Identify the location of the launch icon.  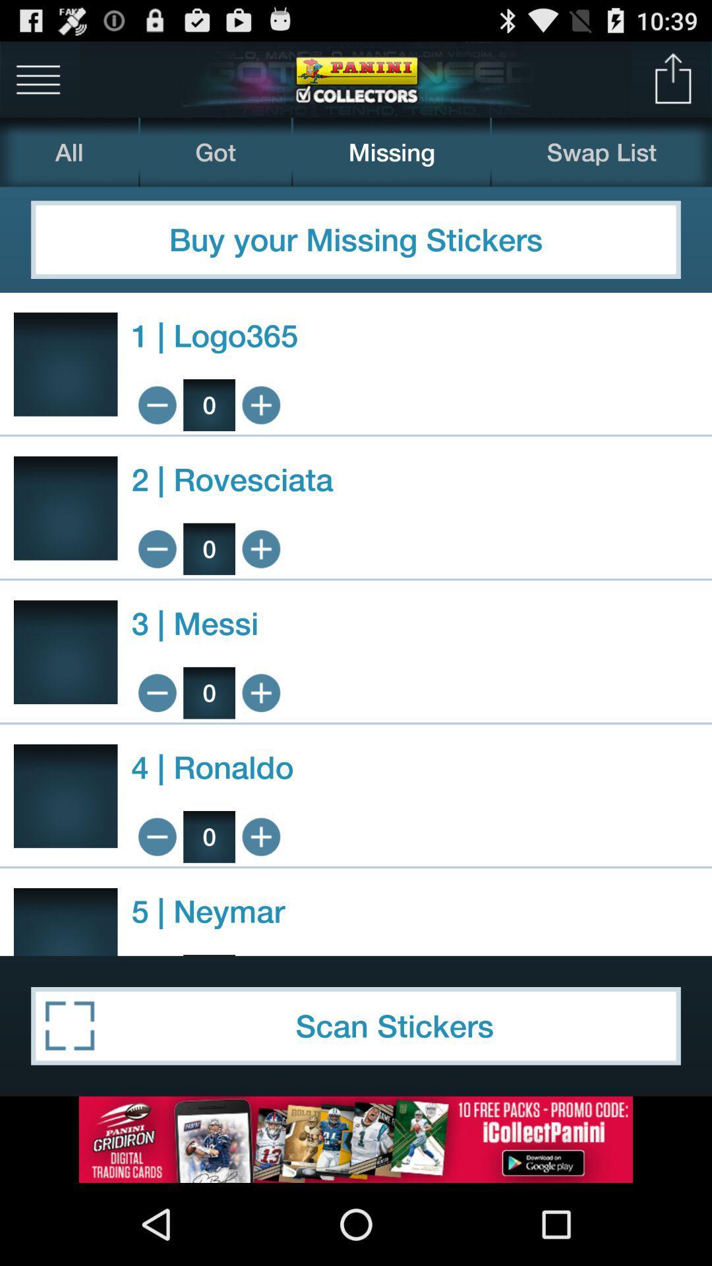
(673, 84).